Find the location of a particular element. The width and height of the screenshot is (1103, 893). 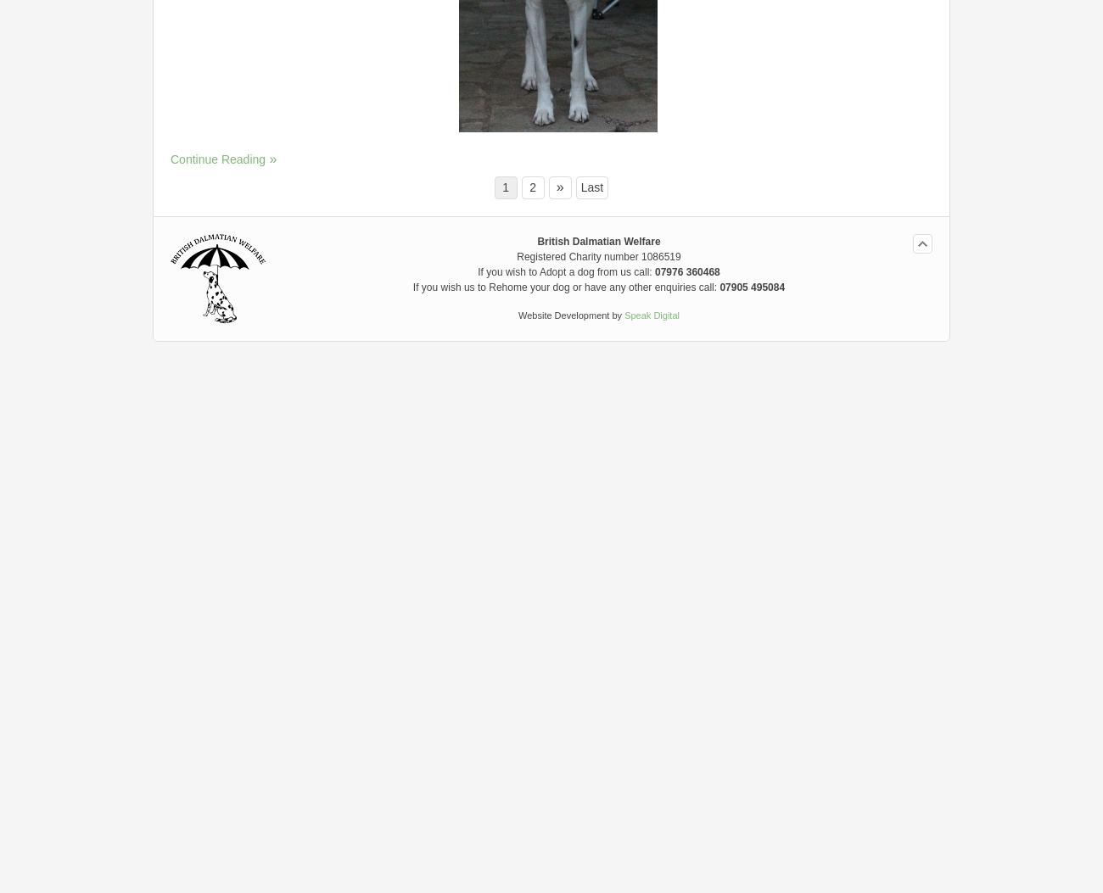

'07905 495084' is located at coordinates (751, 286).